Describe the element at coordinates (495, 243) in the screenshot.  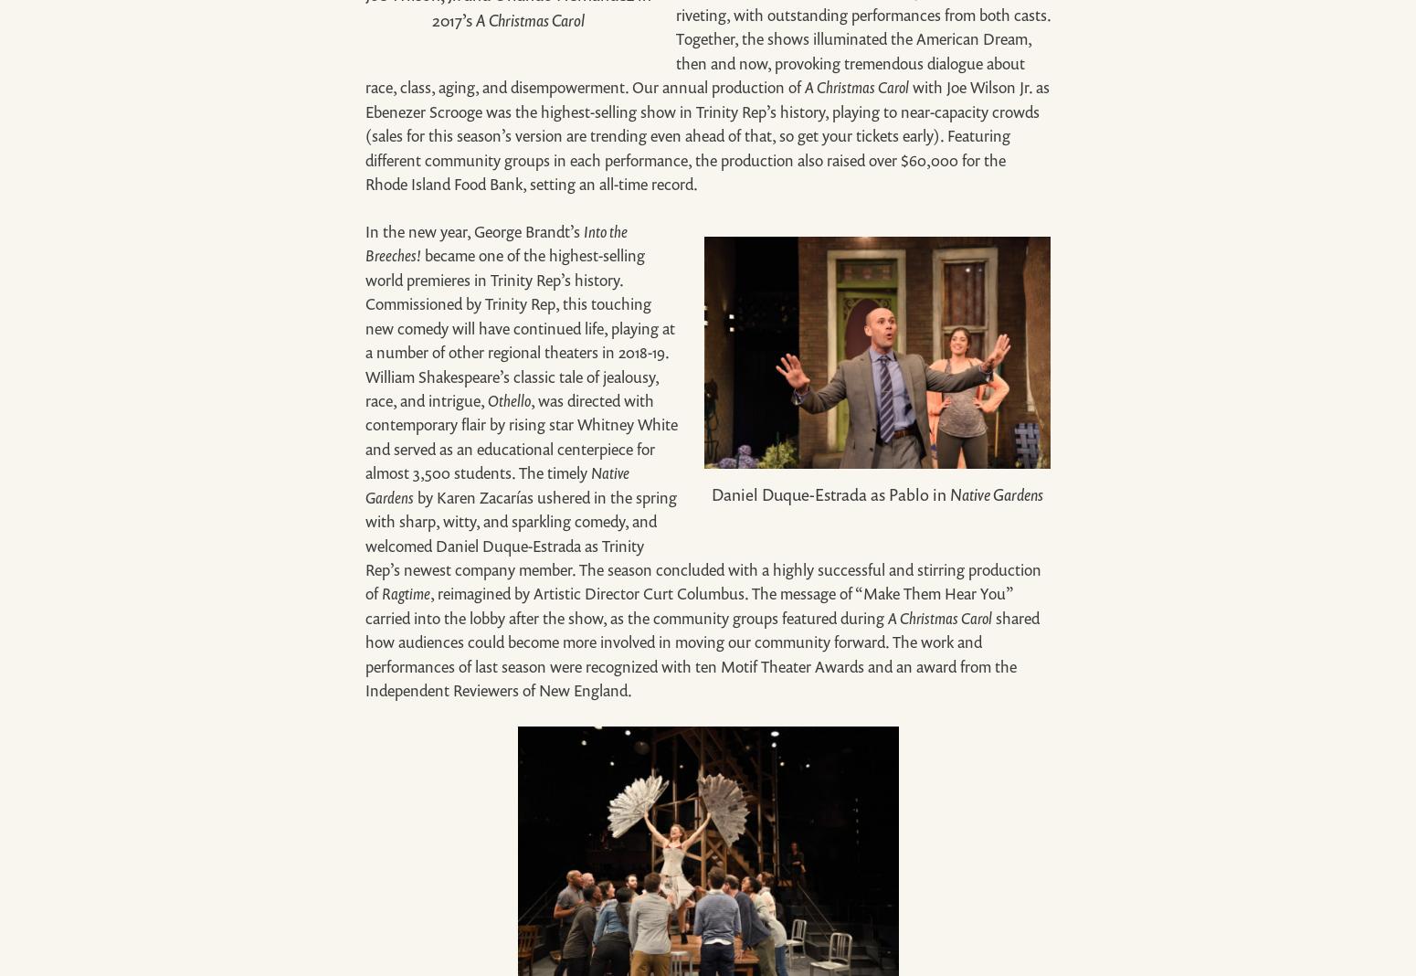
I see `'Into the Breeches!'` at that location.